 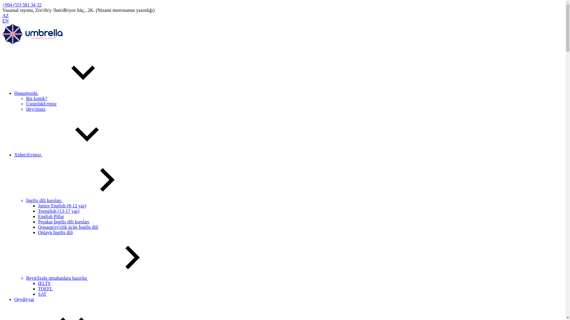 I want to click on 'IELTS', so click(x=44, y=283).